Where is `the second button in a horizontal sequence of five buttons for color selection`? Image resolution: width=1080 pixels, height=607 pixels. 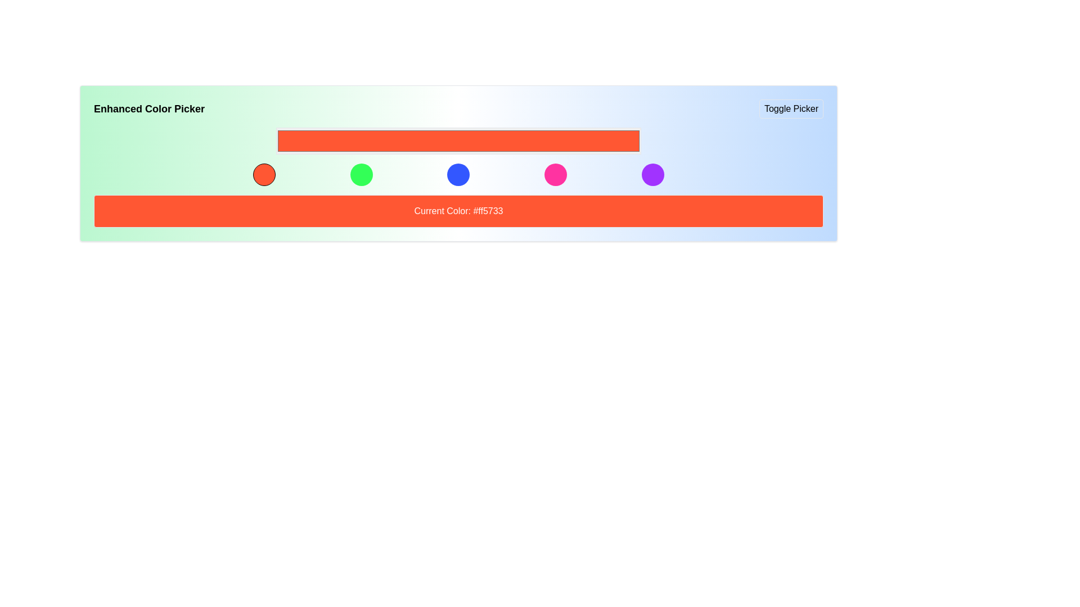 the second button in a horizontal sequence of five buttons for color selection is located at coordinates (361, 175).